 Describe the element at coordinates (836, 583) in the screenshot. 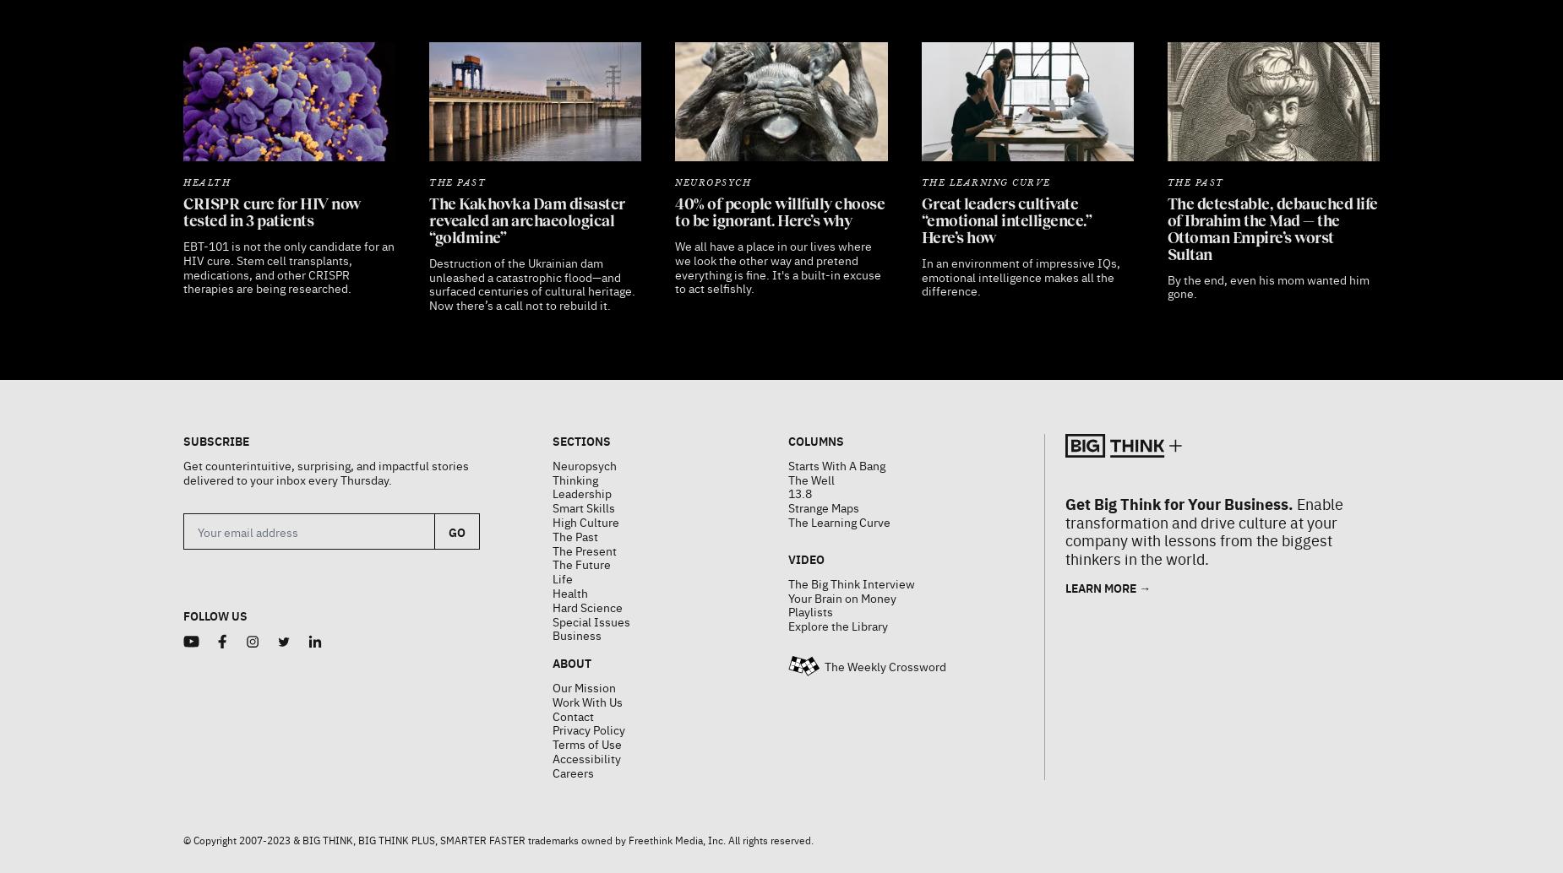

I see `'Explore the Library'` at that location.